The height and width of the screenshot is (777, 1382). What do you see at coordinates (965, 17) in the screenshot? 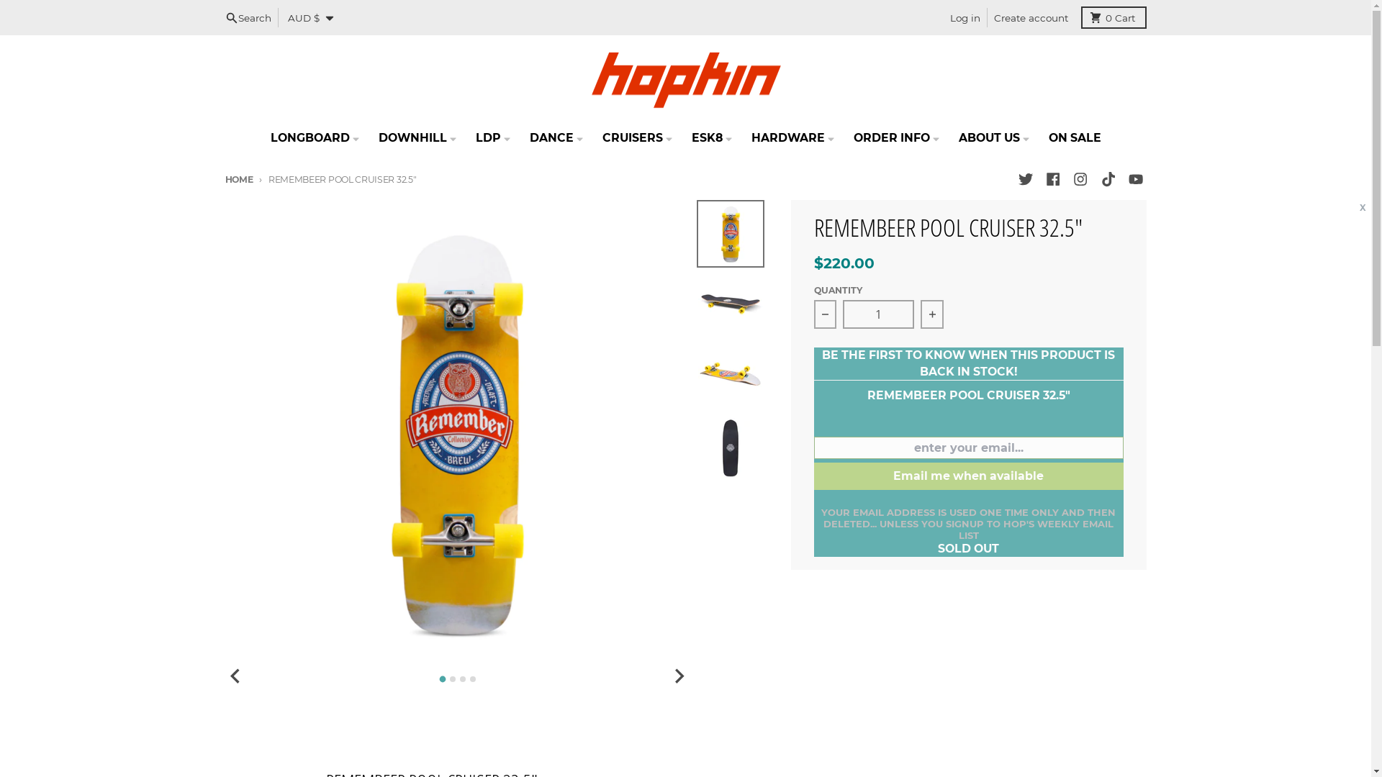
I see `'Log in'` at bounding box center [965, 17].